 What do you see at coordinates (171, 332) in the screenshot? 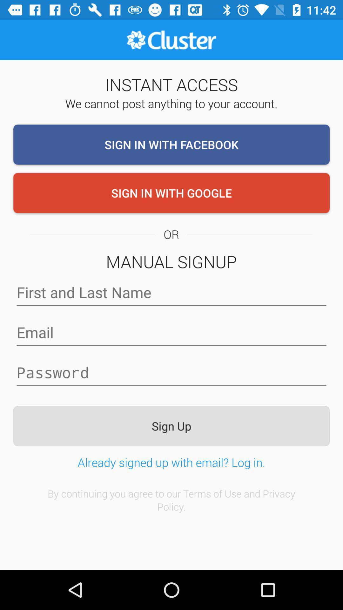
I see `email address` at bounding box center [171, 332].